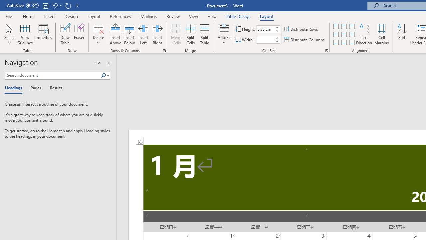  What do you see at coordinates (343, 42) in the screenshot?
I see `'Align Bottom Center'` at bounding box center [343, 42].